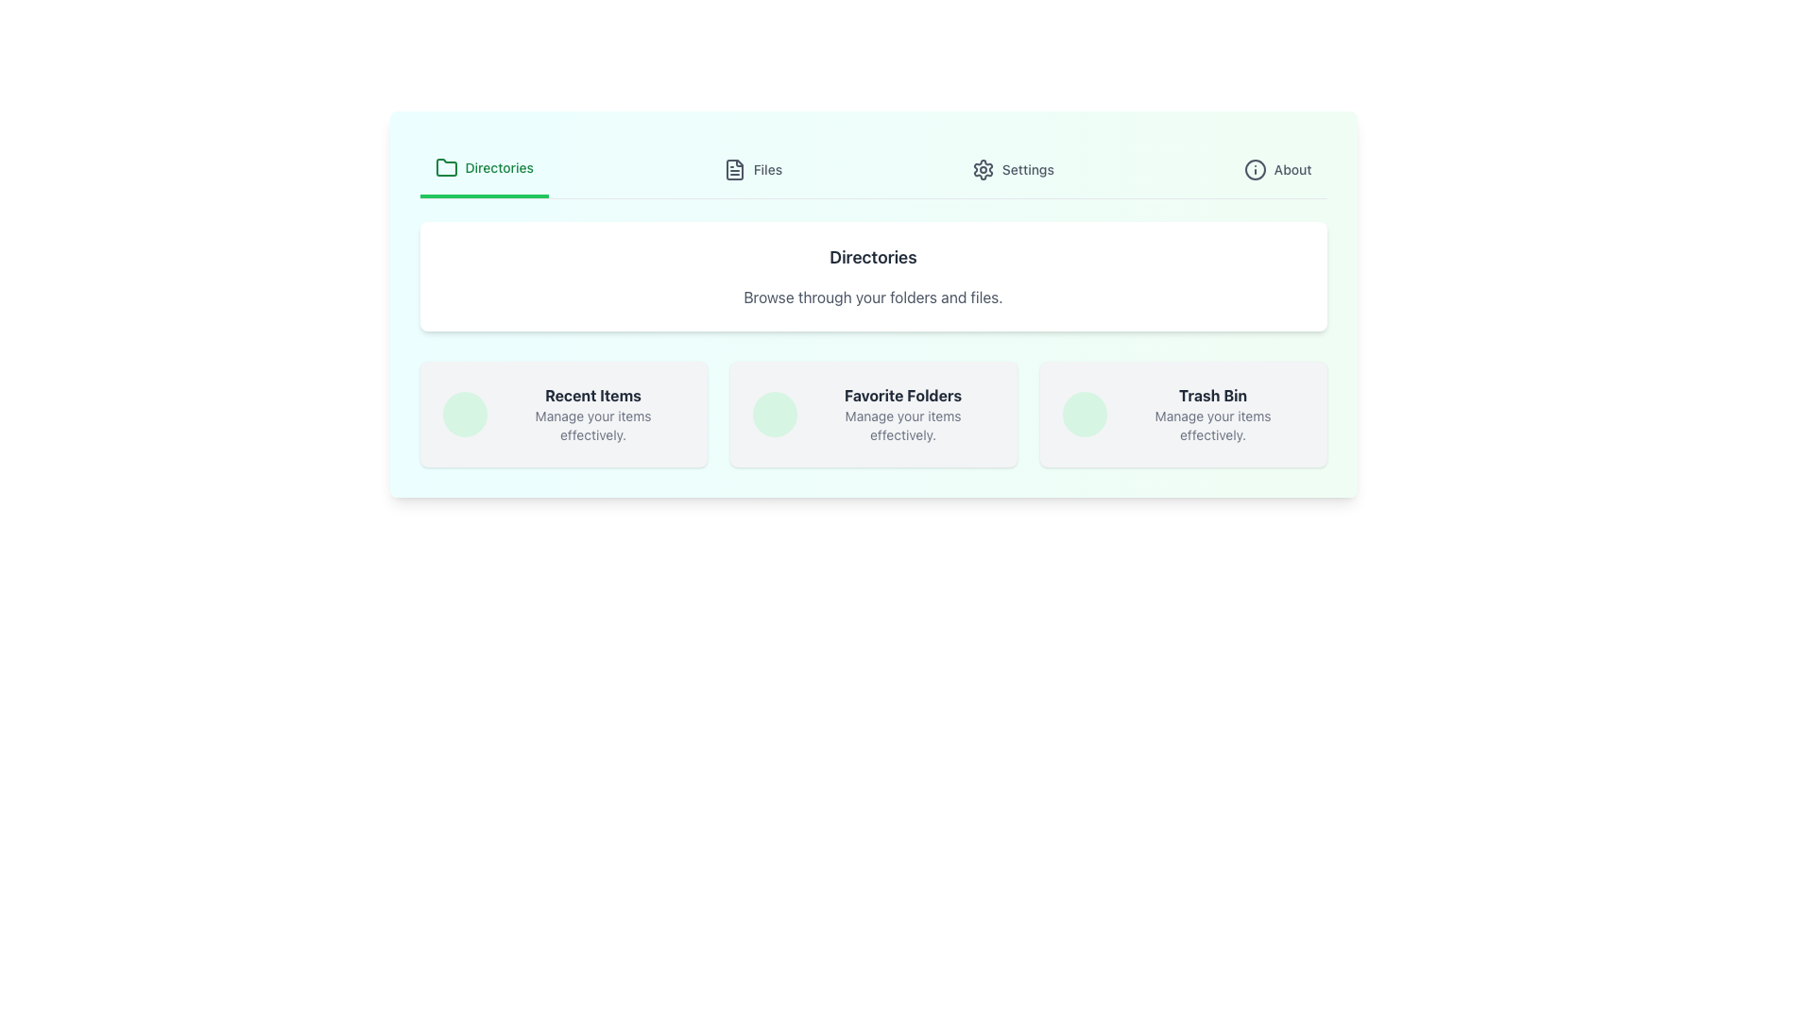 This screenshot has height=1020, width=1814. Describe the element at coordinates (872, 297) in the screenshot. I see `the Informational Text located below the 'Directories' header` at that location.